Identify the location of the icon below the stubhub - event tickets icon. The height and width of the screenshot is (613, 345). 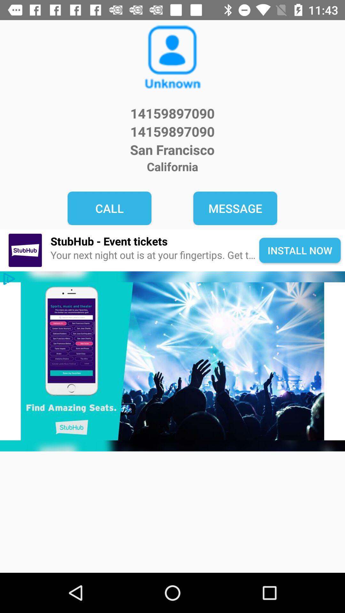
(155, 255).